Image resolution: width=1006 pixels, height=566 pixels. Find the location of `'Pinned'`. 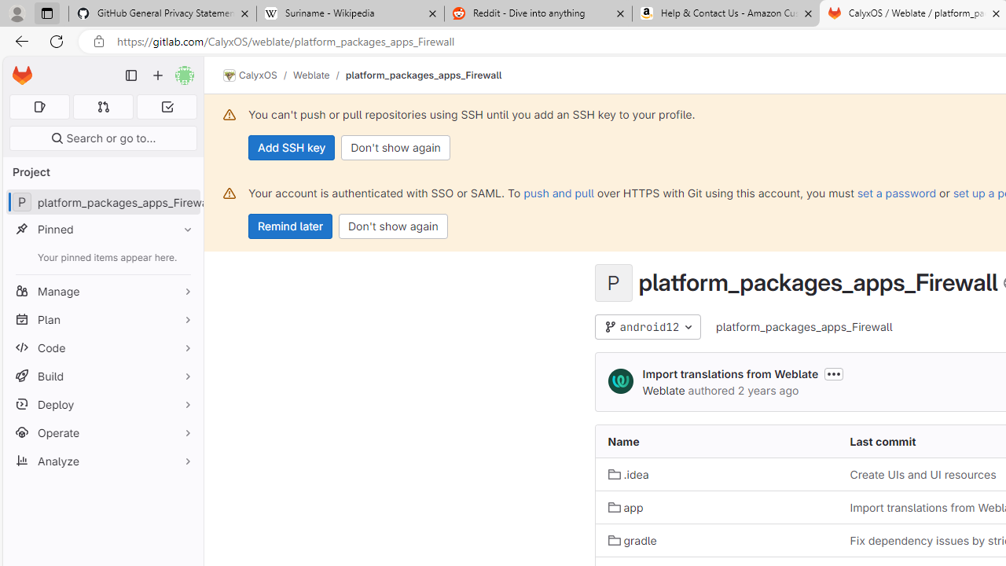

'Pinned' is located at coordinates (102, 229).